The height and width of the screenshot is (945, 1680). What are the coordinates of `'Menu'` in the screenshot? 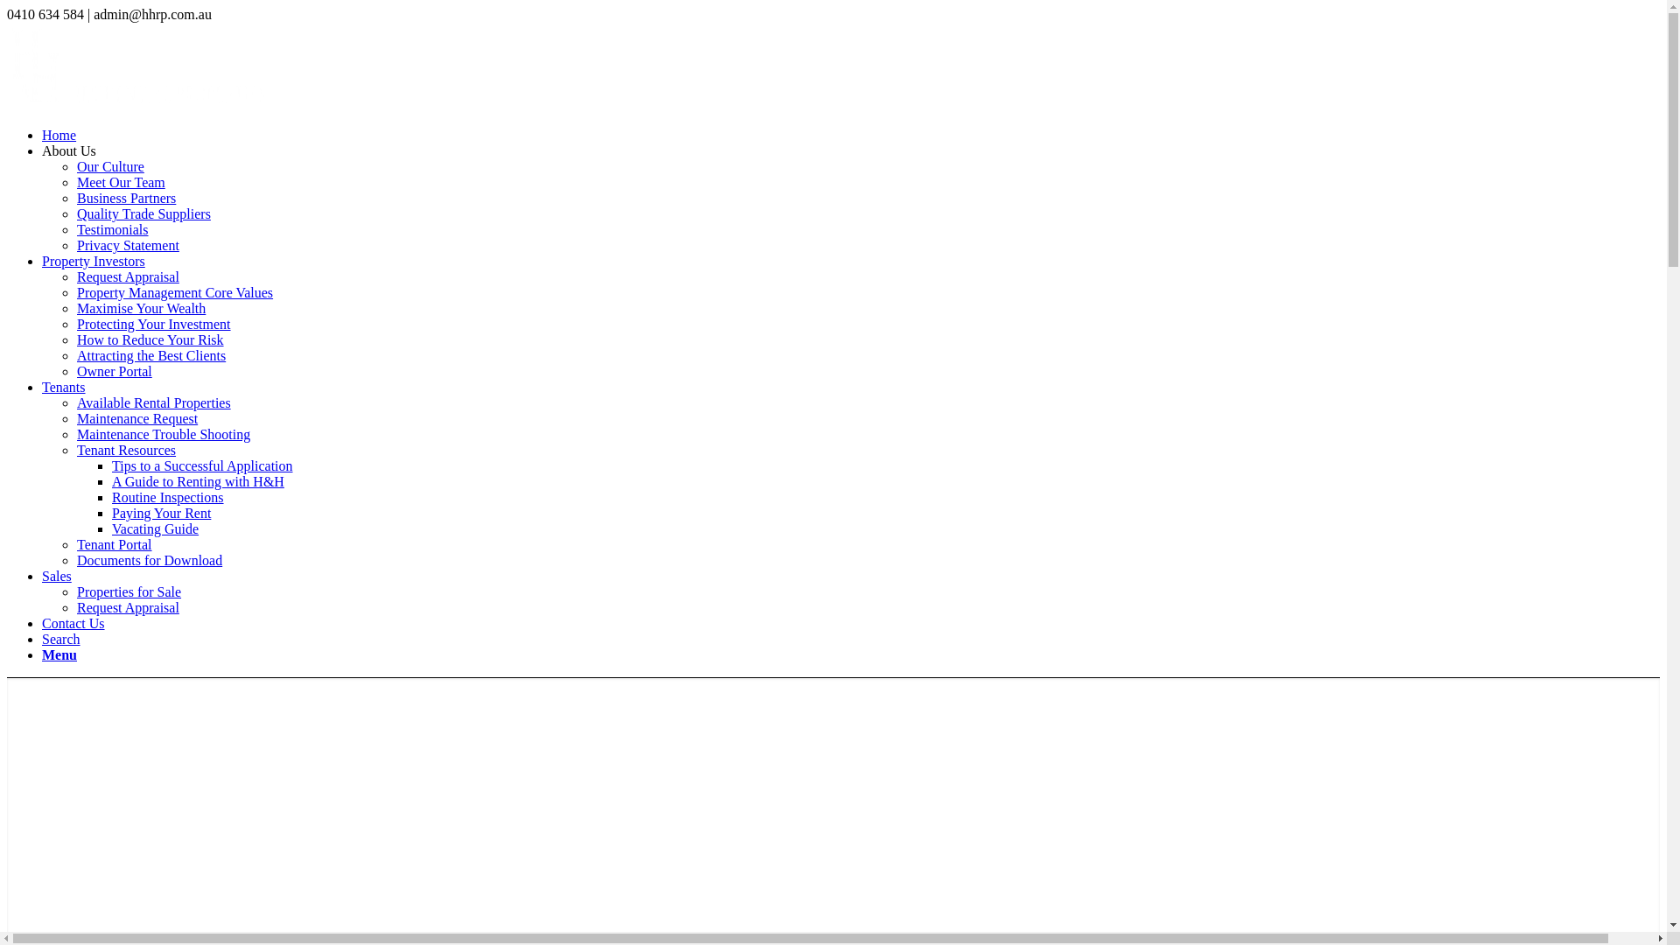 It's located at (59, 654).